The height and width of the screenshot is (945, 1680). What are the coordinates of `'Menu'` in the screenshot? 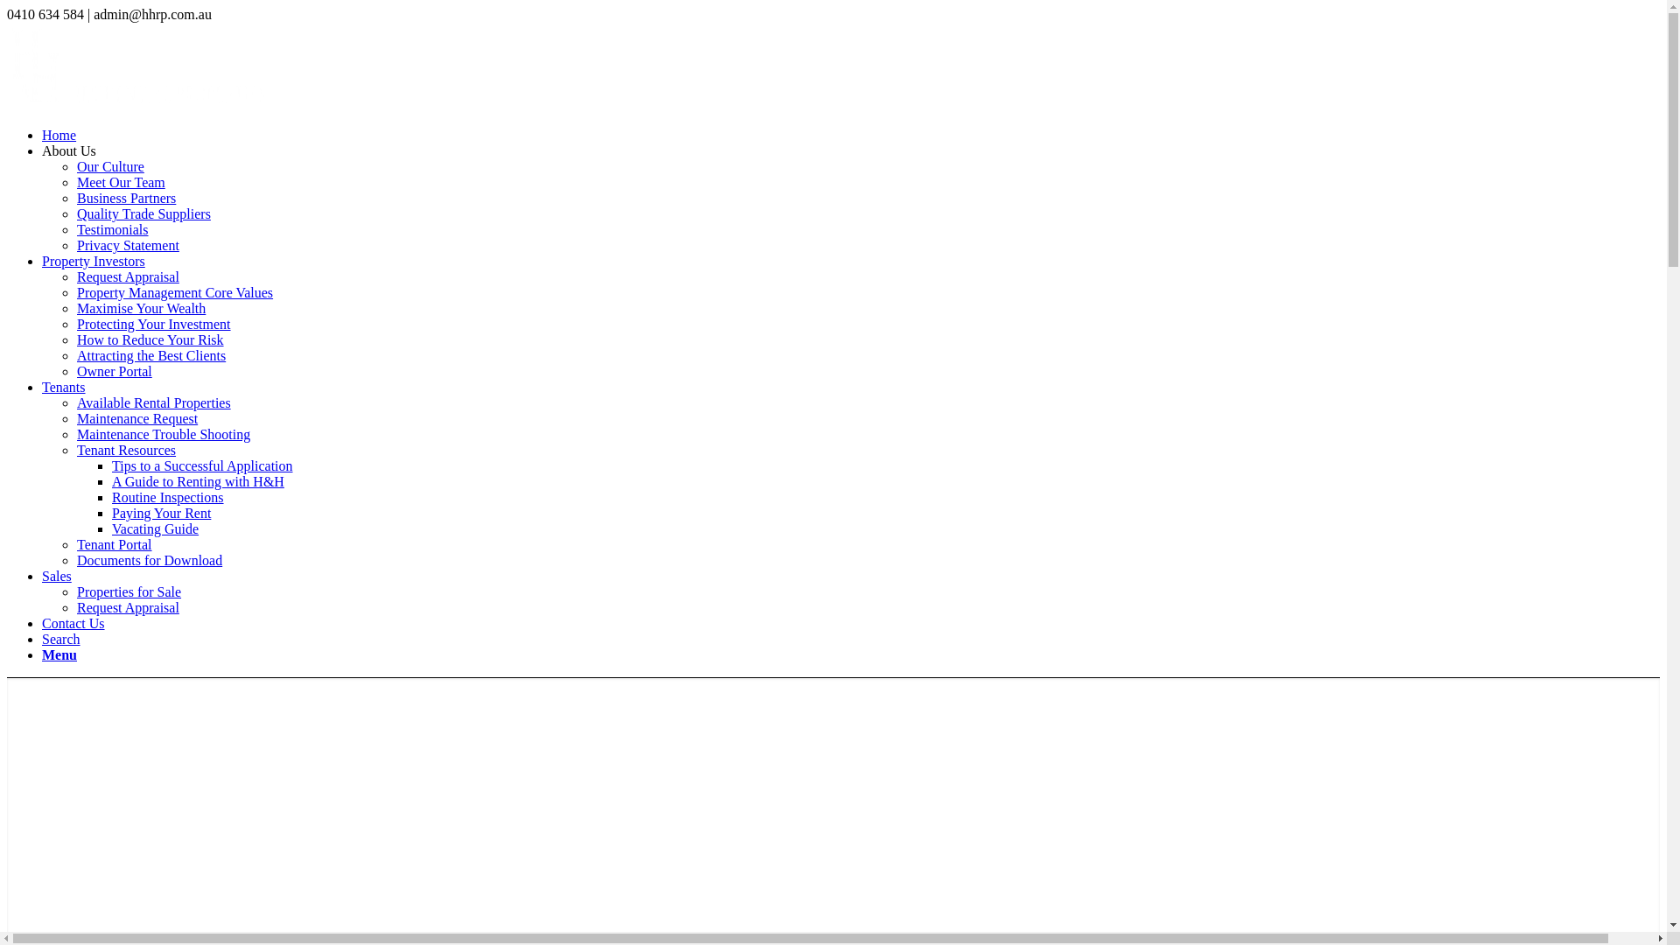 It's located at (59, 654).